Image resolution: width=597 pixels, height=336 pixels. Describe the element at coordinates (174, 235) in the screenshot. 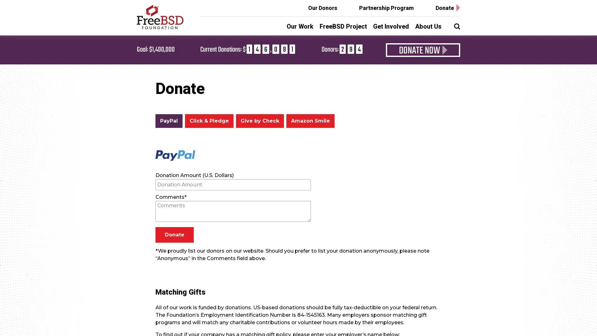

I see `Donate` at that location.